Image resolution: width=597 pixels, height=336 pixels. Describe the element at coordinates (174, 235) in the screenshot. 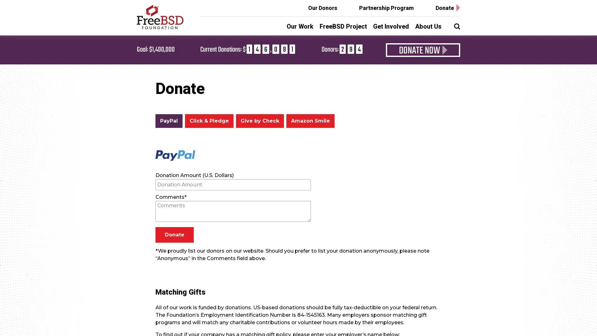

I see `Donate` at that location.